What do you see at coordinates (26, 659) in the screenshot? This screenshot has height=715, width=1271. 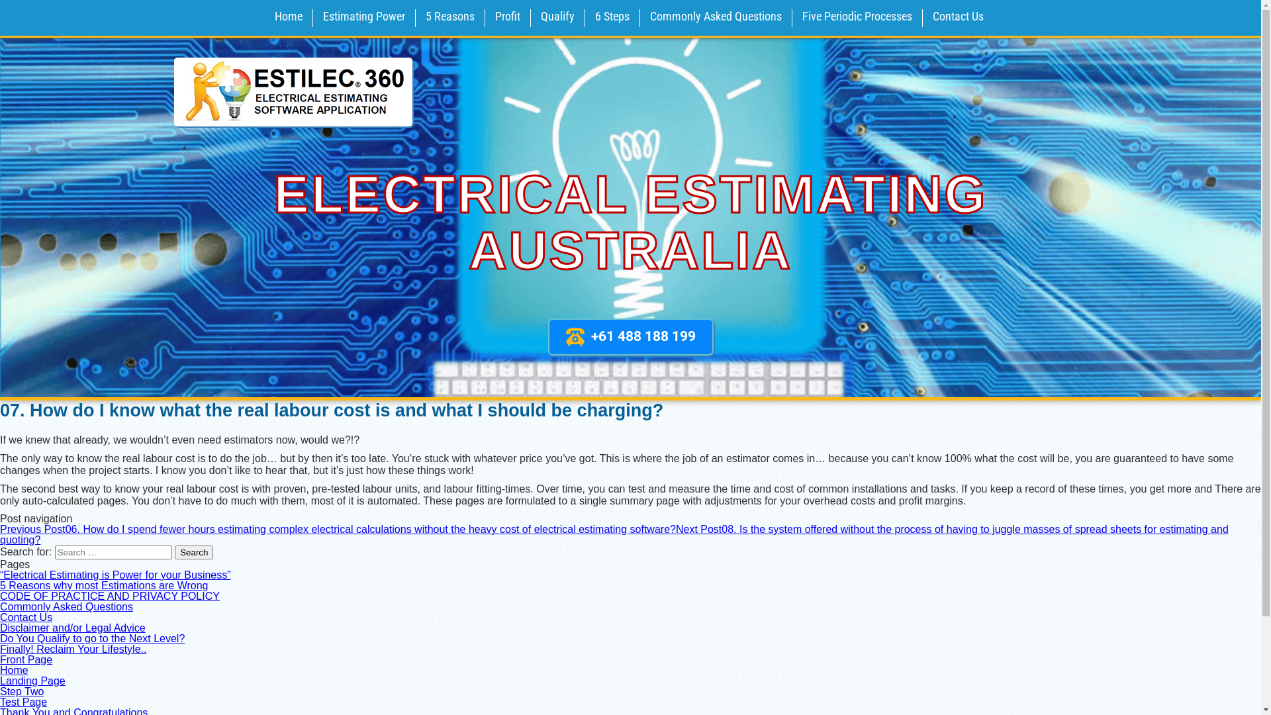 I see `'Front Page'` at bounding box center [26, 659].